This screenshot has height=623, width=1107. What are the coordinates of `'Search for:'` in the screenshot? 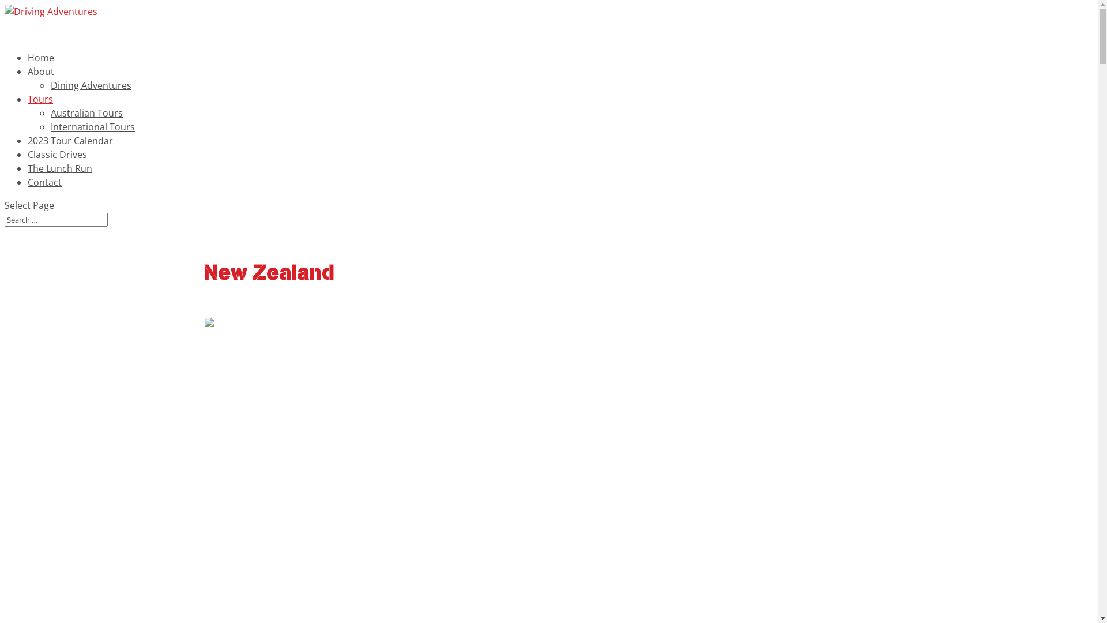 It's located at (55, 220).